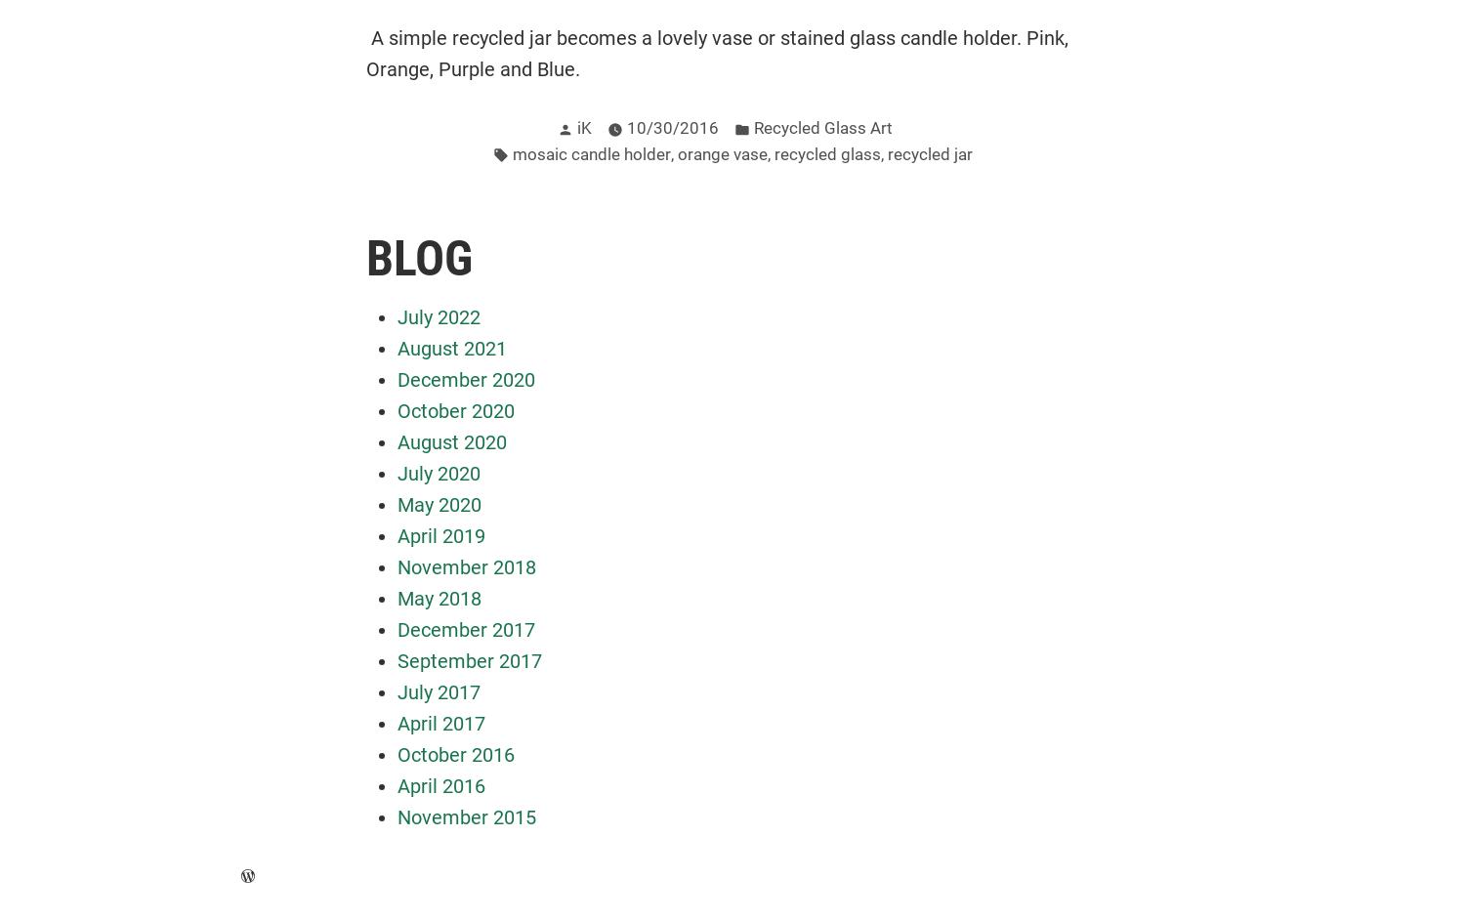  I want to click on 'A simple recycled jar becomes a lovely vase or stained glass candle holder. Pink, Orange, Purple and Blue.', so click(716, 51).